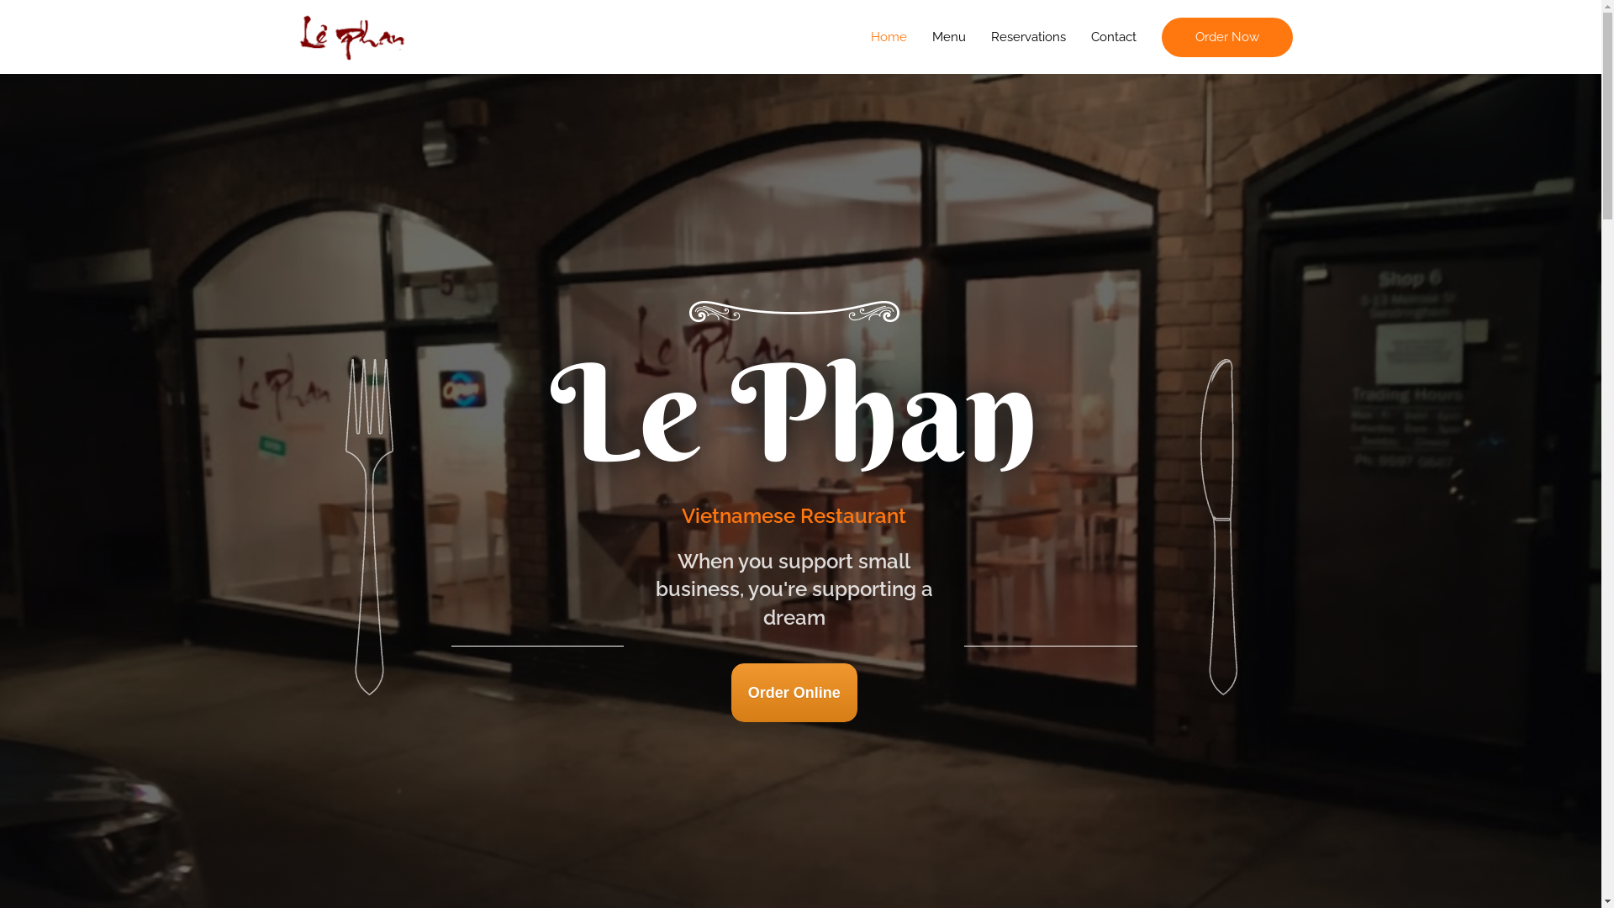 The image size is (1614, 908). What do you see at coordinates (887, 36) in the screenshot?
I see `'Home'` at bounding box center [887, 36].